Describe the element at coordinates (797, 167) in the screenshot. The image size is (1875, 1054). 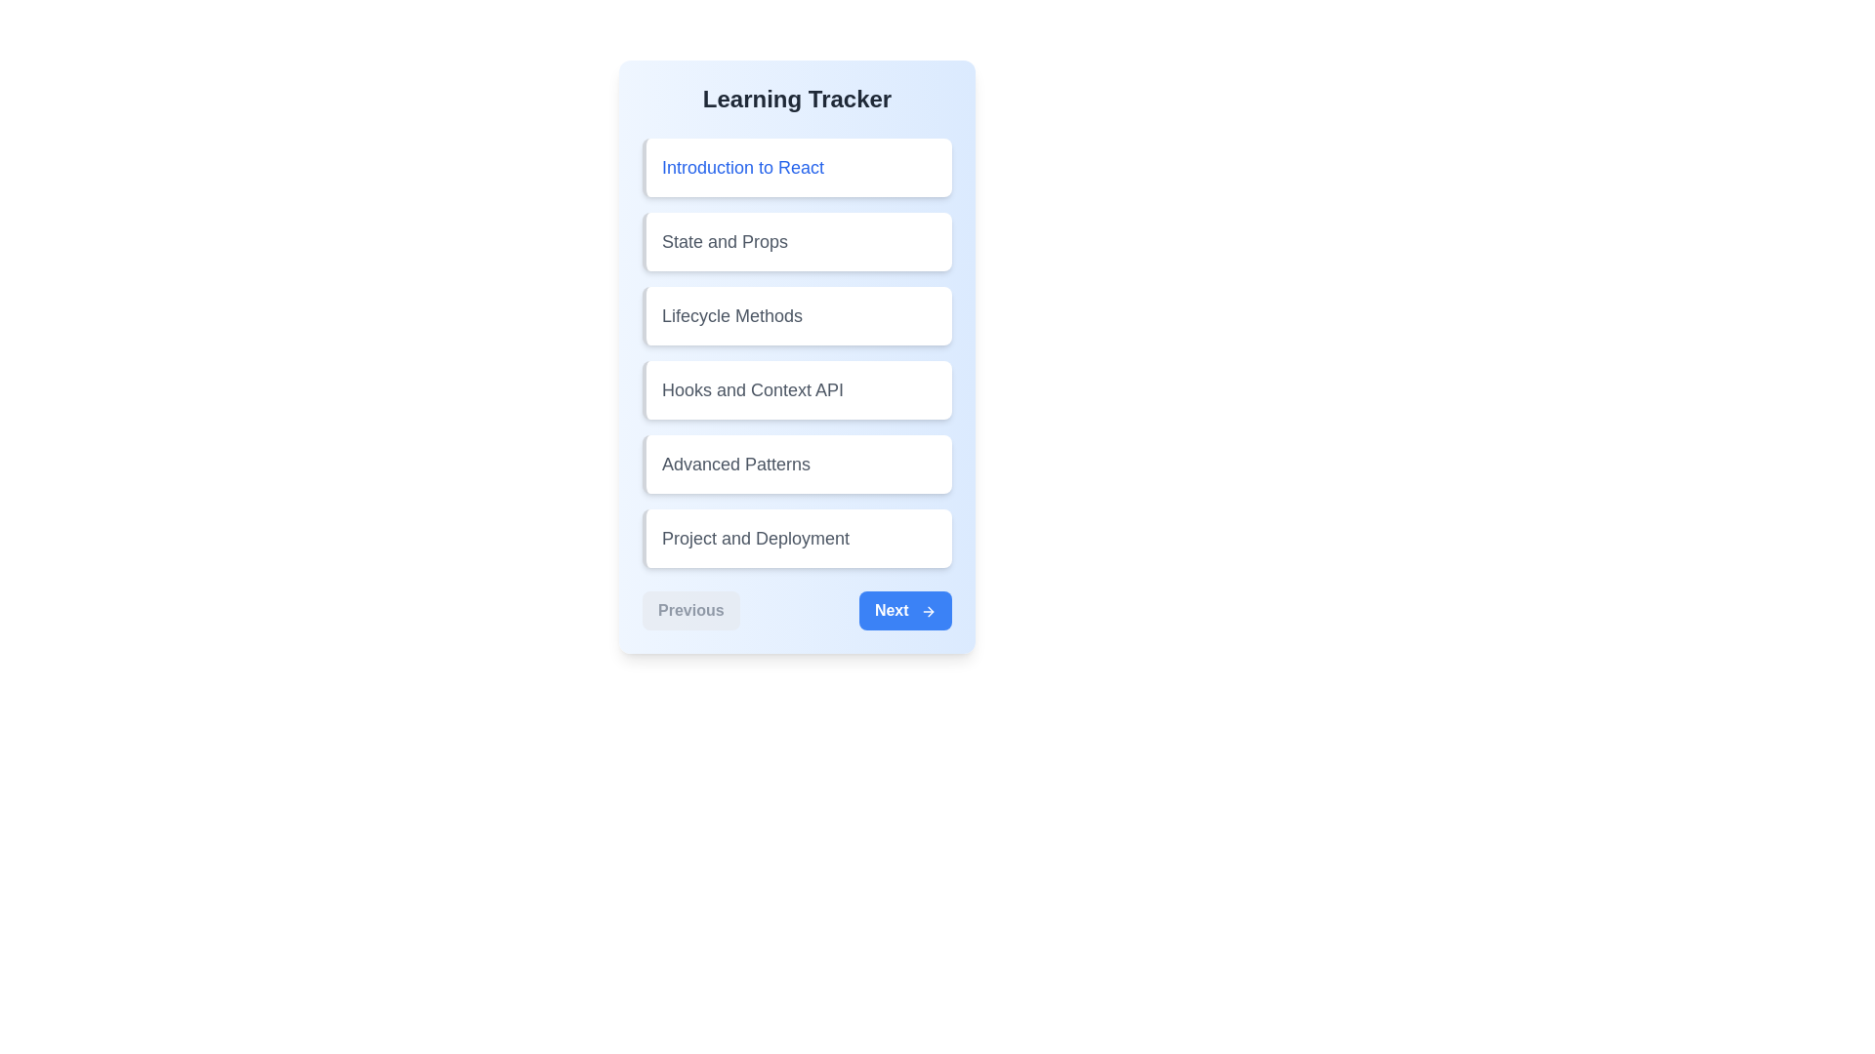
I see `the lesson titled 'Introduction to React' to select it` at that location.